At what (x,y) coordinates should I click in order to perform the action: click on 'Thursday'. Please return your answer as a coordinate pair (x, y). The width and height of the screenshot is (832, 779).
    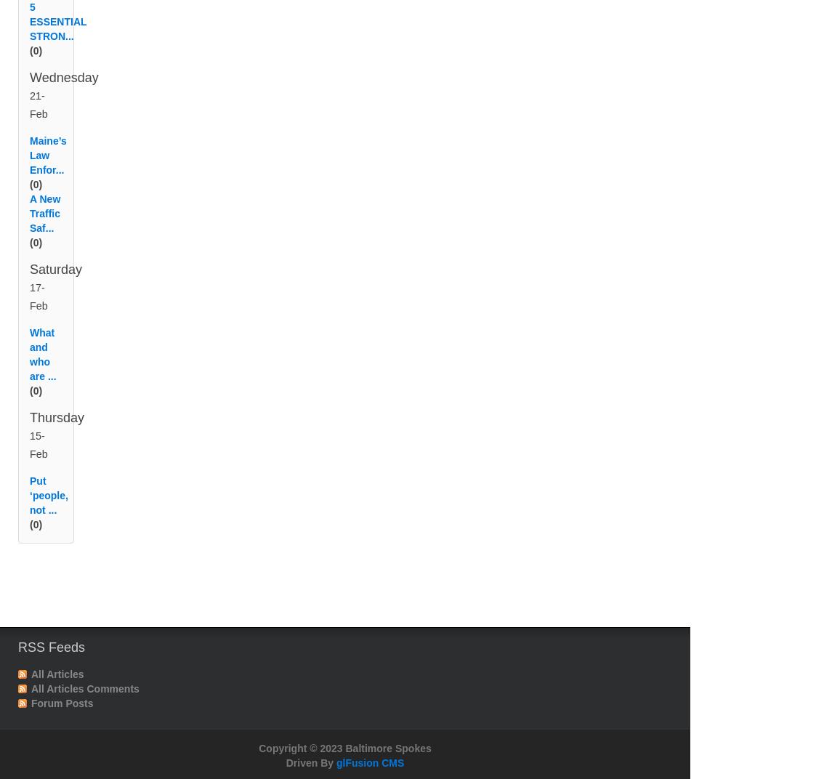
    Looking at the image, I should click on (57, 435).